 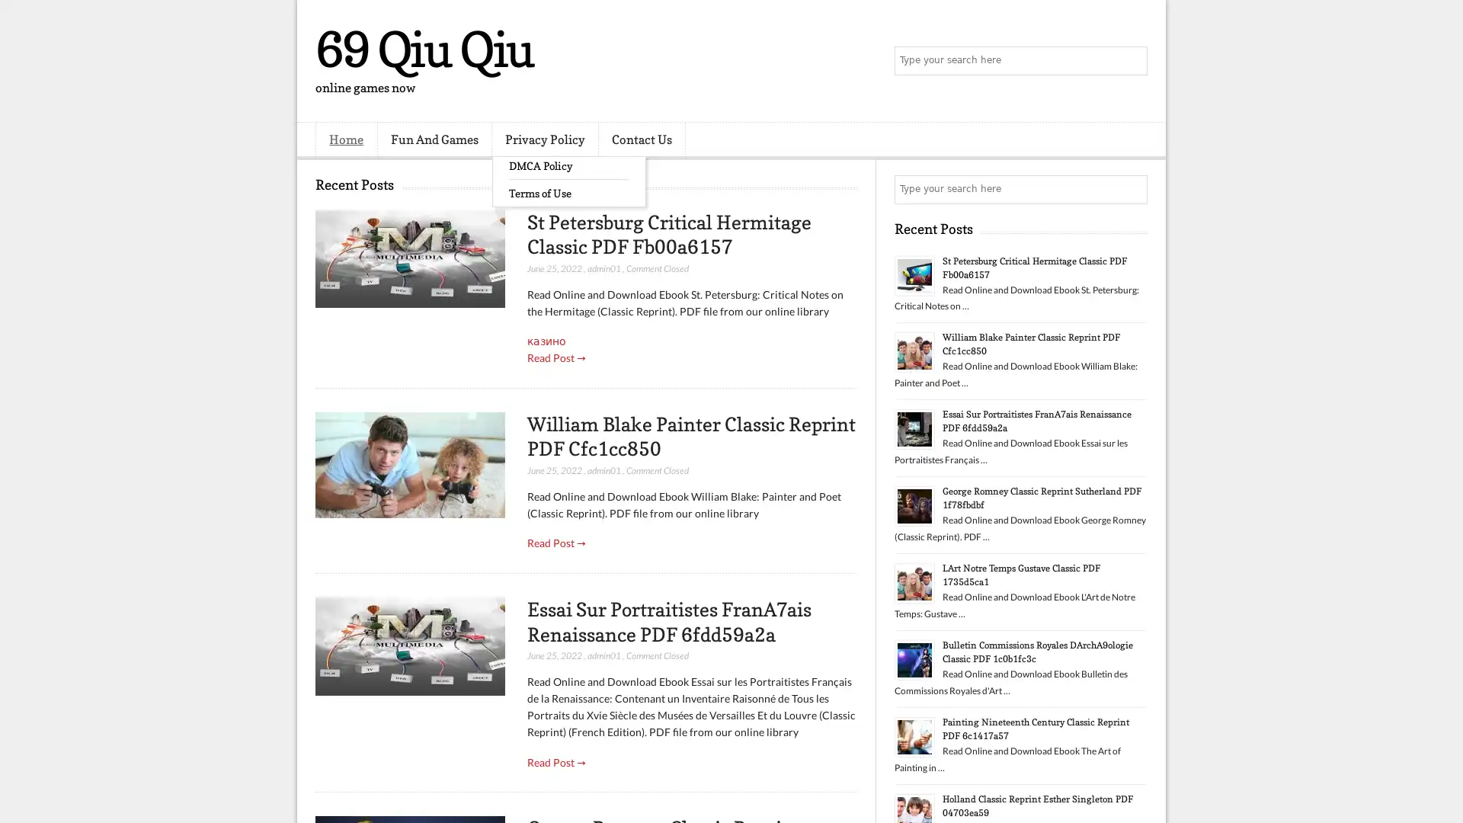 I want to click on Search, so click(x=1132, y=61).